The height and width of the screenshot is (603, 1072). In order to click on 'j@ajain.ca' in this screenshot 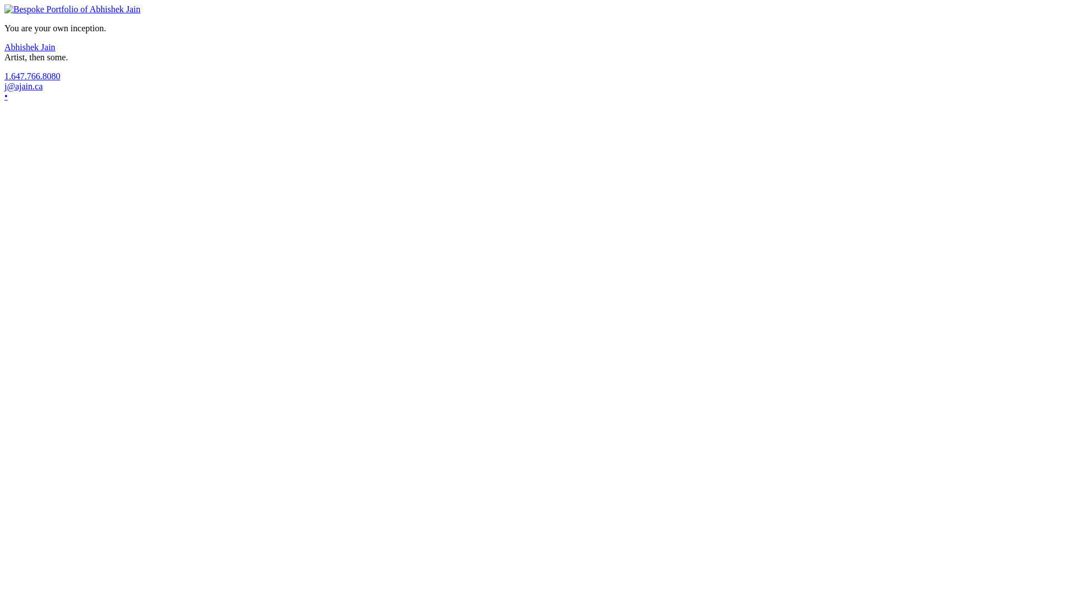, I will do `click(23, 85)`.